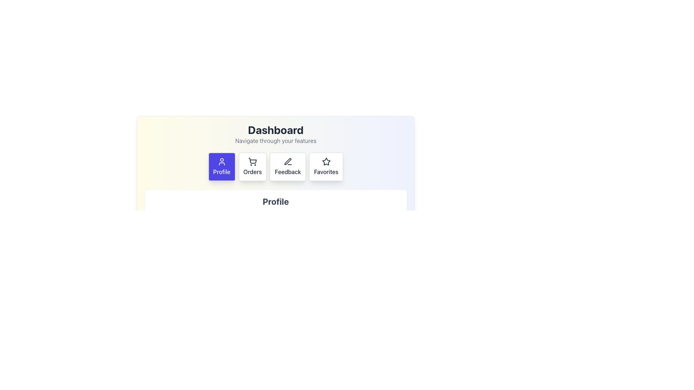  Describe the element at coordinates (287, 167) in the screenshot. I see `the 'Feedback' button, which is a rectangular button with rounded corners, located beneath the 'Dashboard' heading, and positioned between the 'Orders' and 'Favorites' buttons` at that location.